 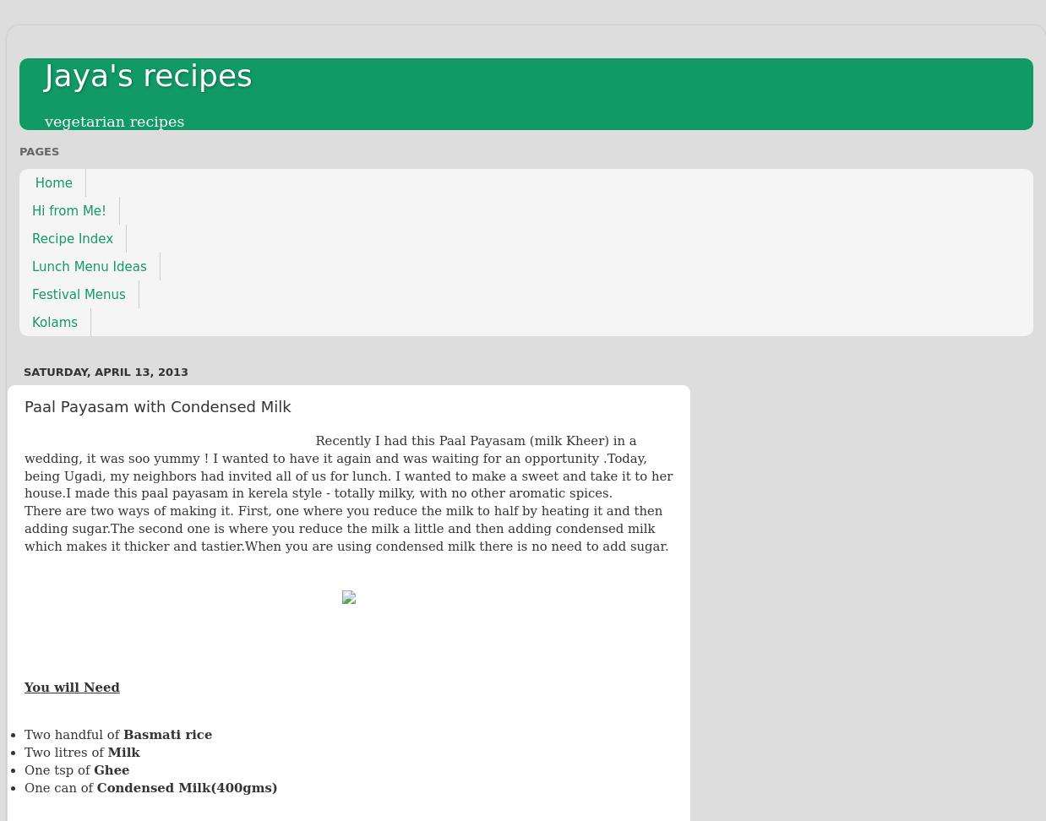 I want to click on 'Hi from Me!', so click(x=68, y=210).